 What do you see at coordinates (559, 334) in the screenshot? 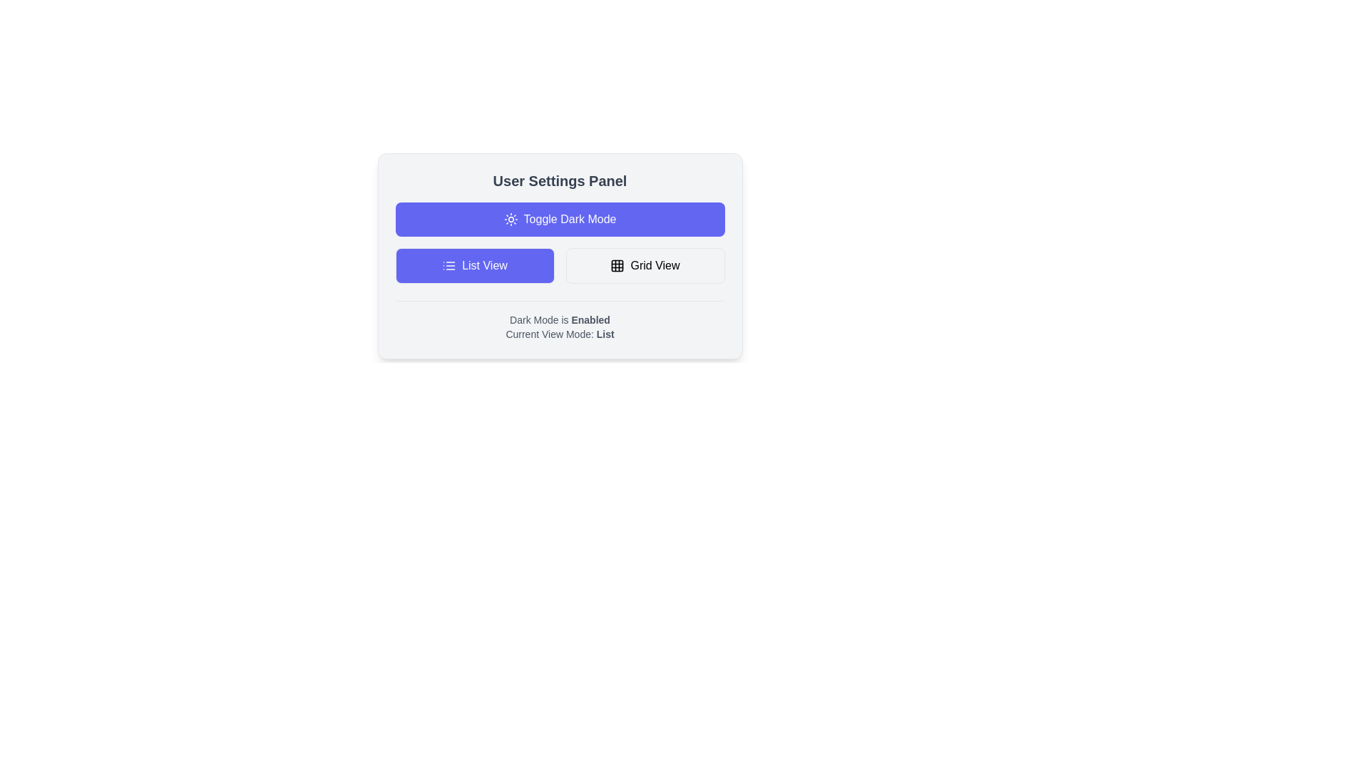
I see `the Text label that displays the current view mode setting, indicating it is set to 'List', located below the 'Dark Mode is Enabled' text` at bounding box center [559, 334].